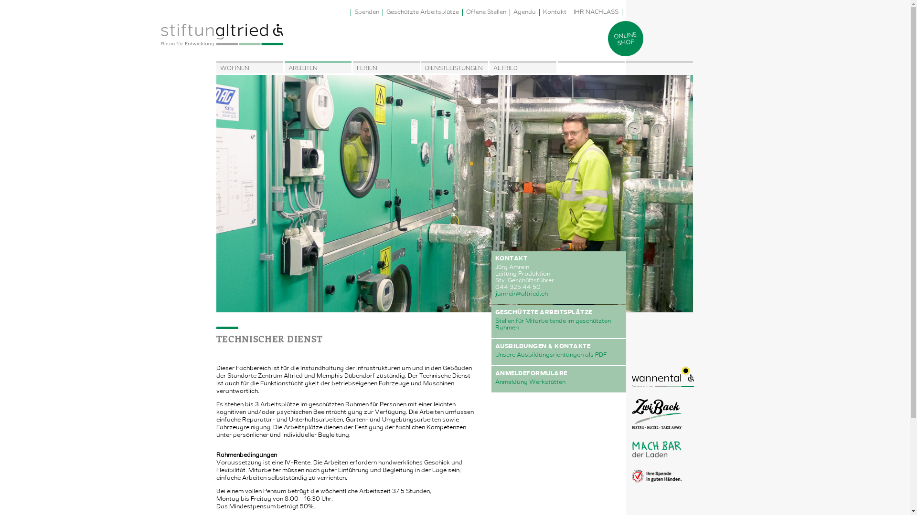  What do you see at coordinates (522, 68) in the screenshot?
I see `'ALTRIED'` at bounding box center [522, 68].